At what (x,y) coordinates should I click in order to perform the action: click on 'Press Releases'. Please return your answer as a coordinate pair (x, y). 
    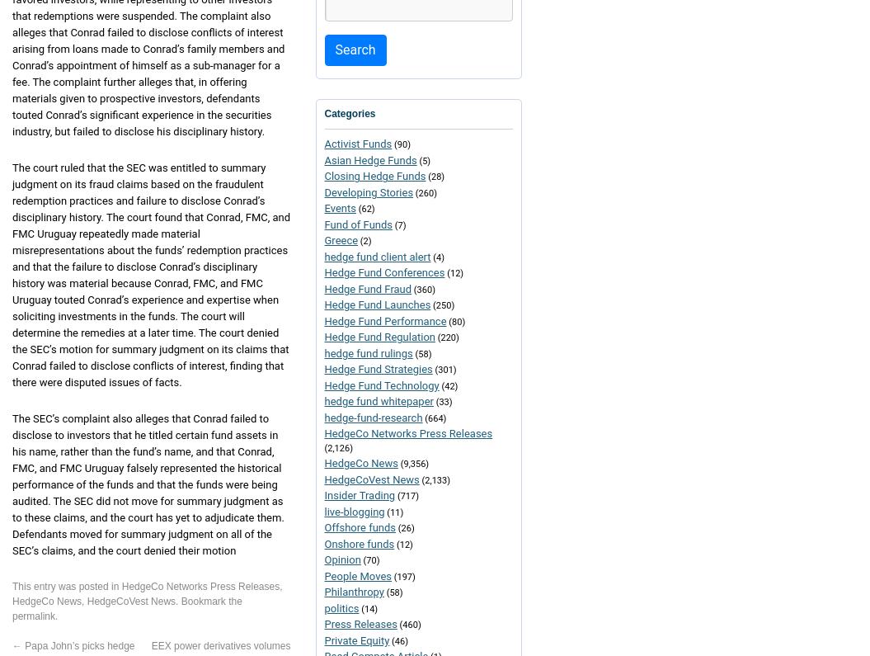
    Looking at the image, I should click on (359, 623).